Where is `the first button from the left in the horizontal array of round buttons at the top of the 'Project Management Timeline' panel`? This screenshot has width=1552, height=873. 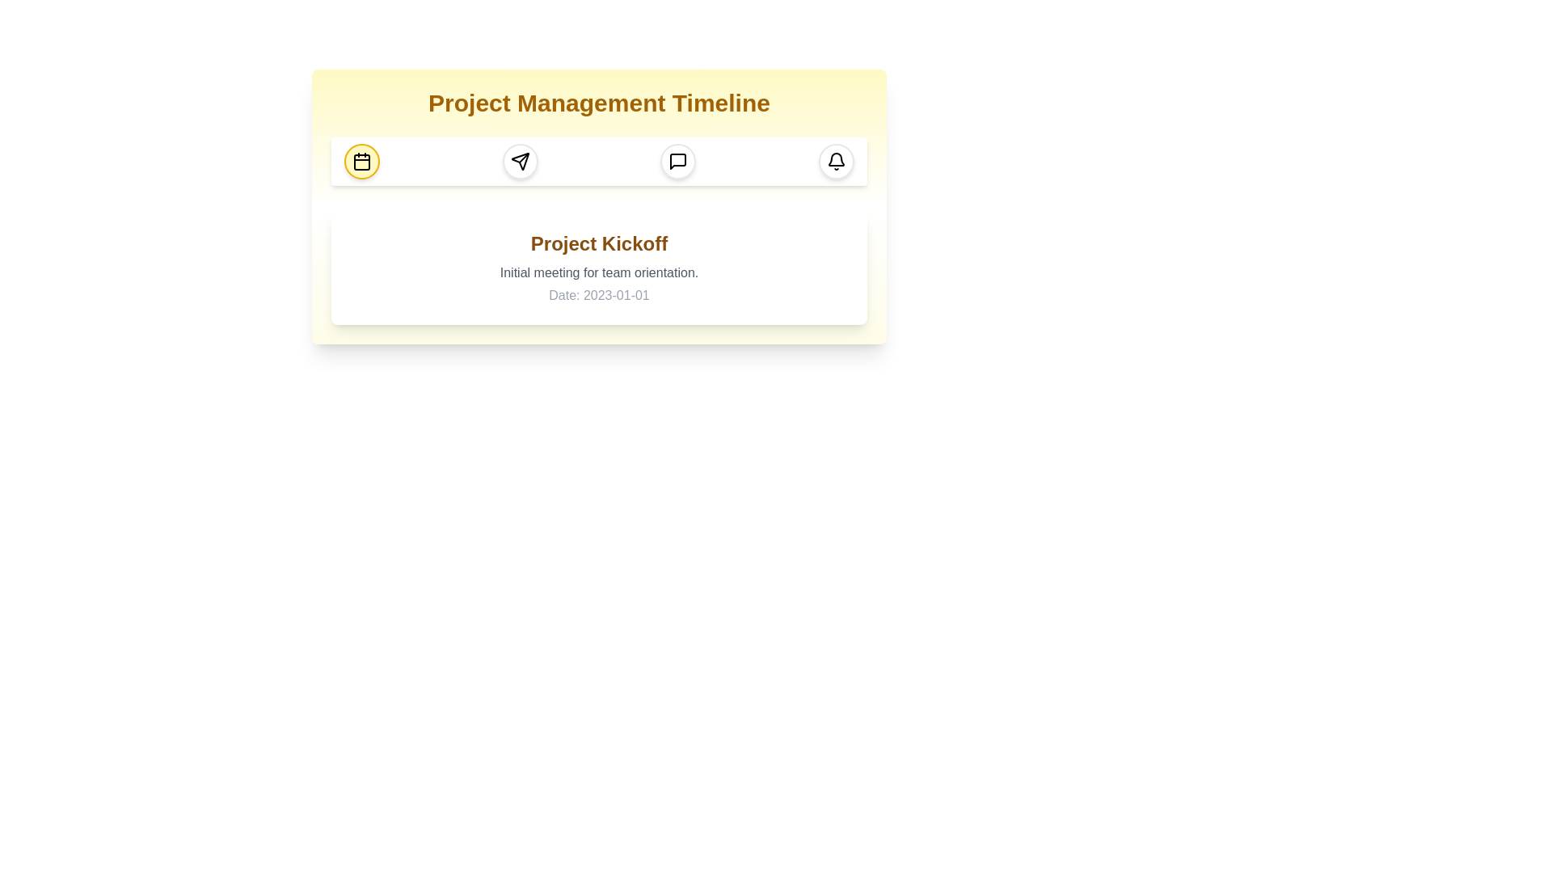 the first button from the left in the horizontal array of round buttons at the top of the 'Project Management Timeline' panel is located at coordinates (361, 162).